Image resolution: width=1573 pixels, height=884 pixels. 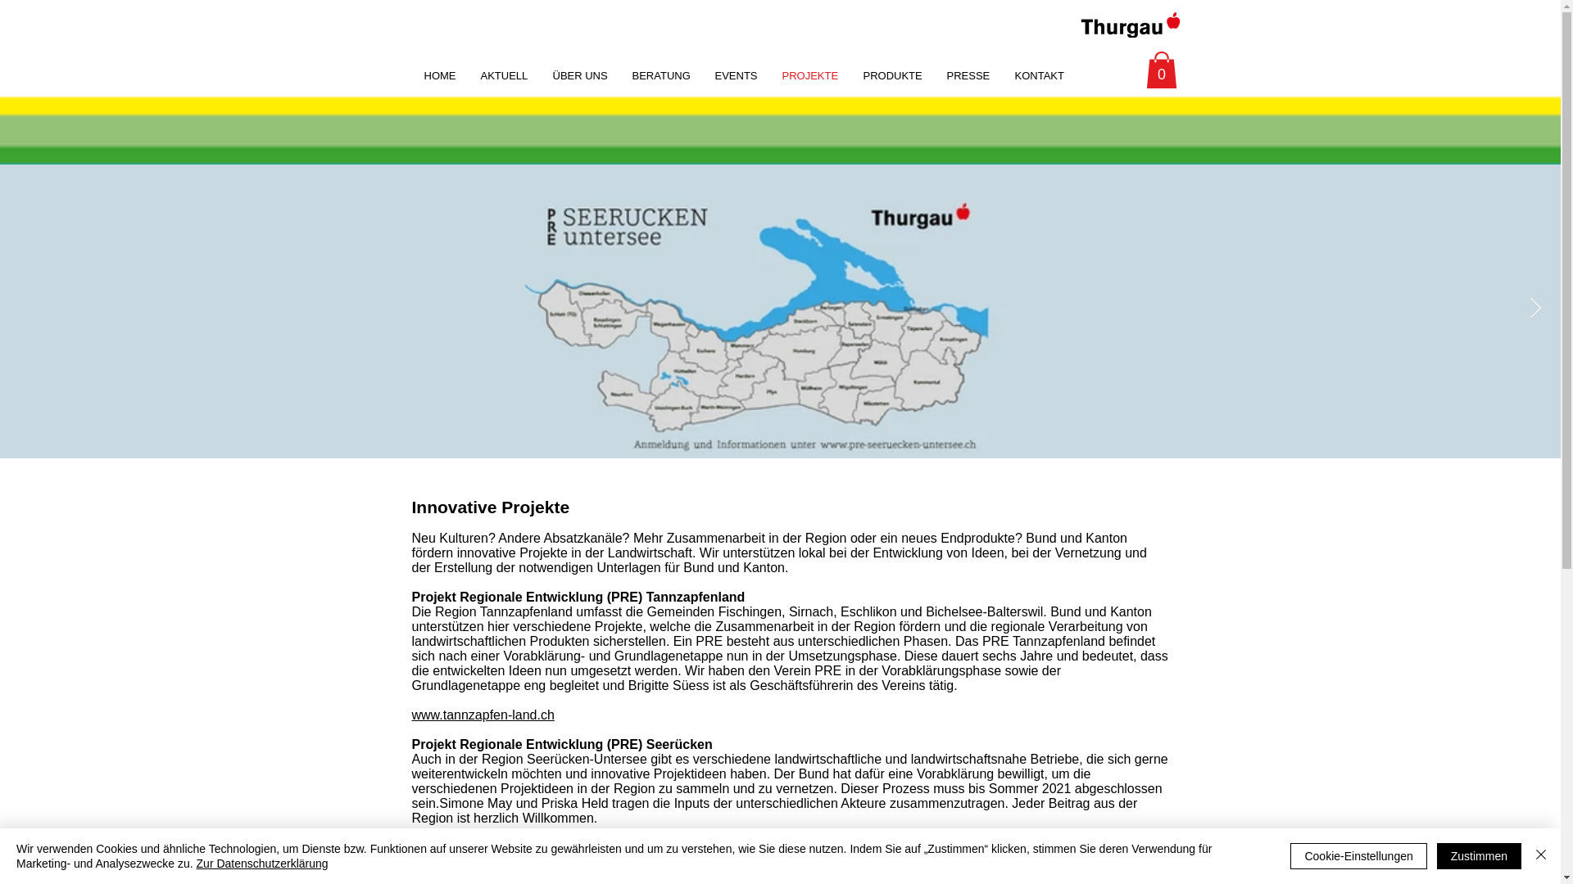 I want to click on 'BERATUNG', so click(x=618, y=75).